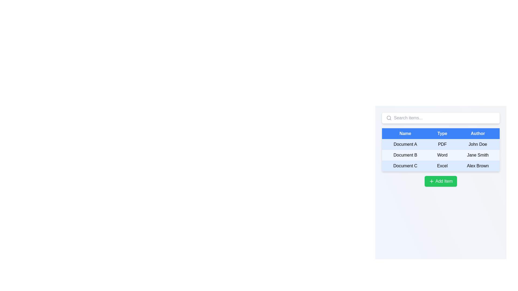 Image resolution: width=518 pixels, height=291 pixels. Describe the element at coordinates (478, 133) in the screenshot. I see `the 'Author' column header in the table, which is the third header and located to the right of the 'Type' column header` at that location.